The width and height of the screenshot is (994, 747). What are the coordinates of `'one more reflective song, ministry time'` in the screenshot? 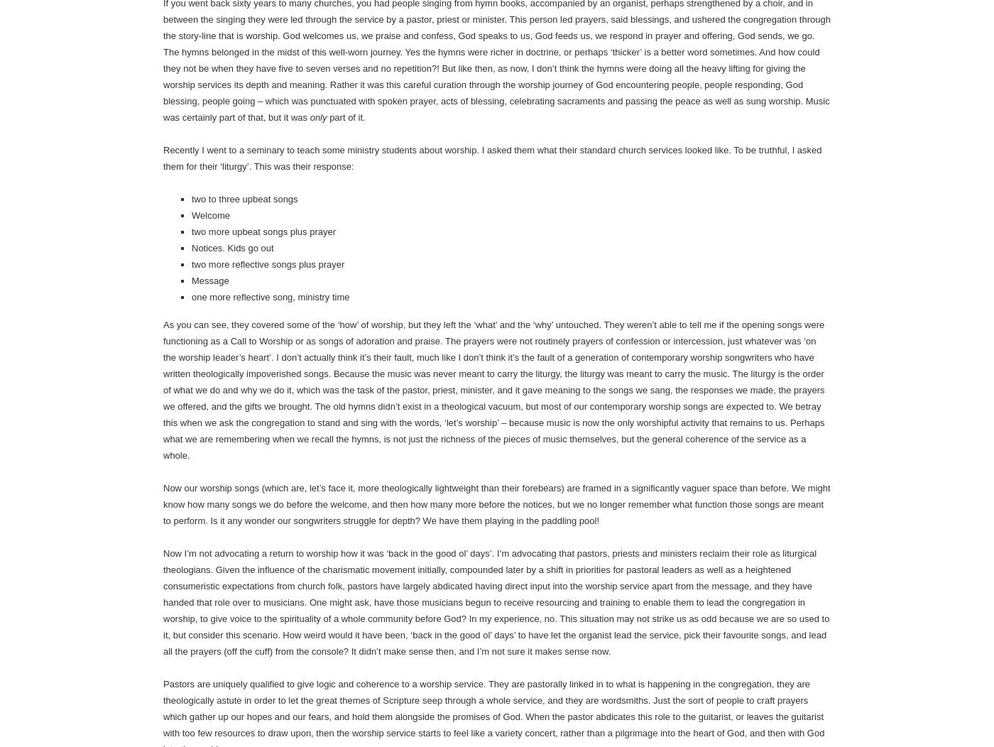 It's located at (269, 296).